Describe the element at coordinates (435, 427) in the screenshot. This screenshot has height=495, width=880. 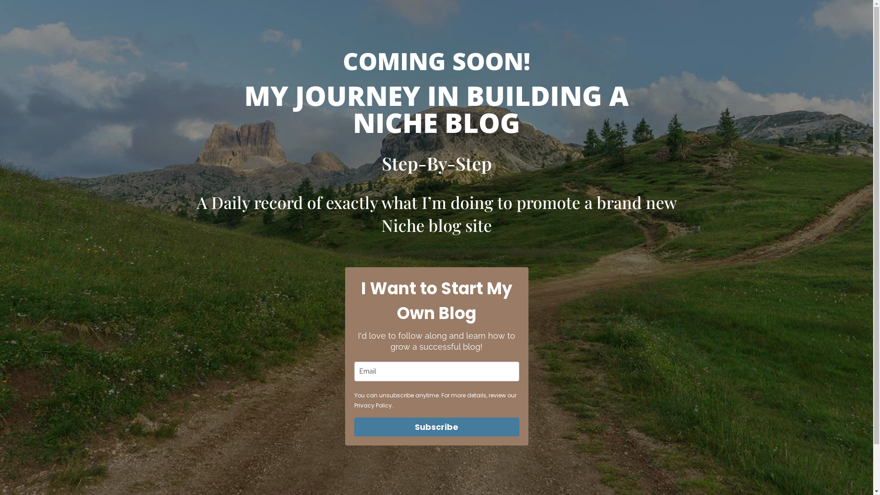
I see `'Subscribe'` at that location.